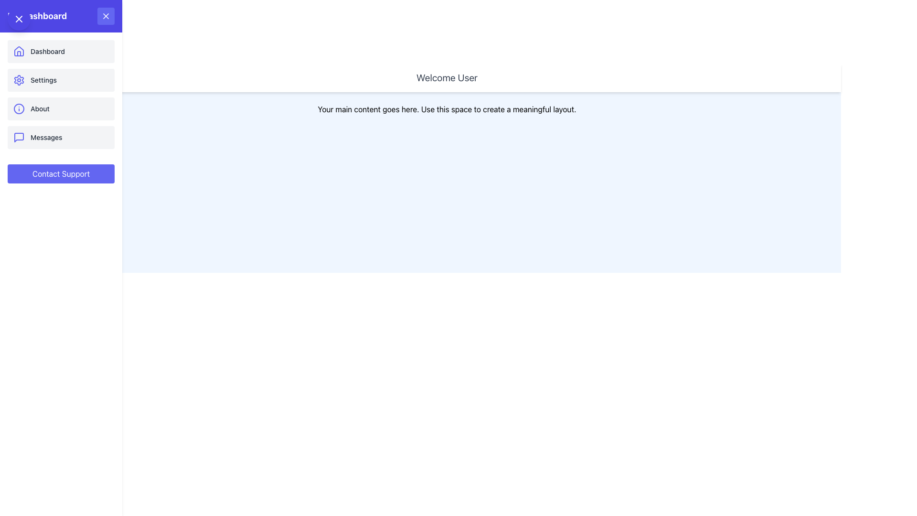 The width and height of the screenshot is (917, 516). What do you see at coordinates (19, 108) in the screenshot?
I see `the circular blue outlined icon with a white center and an 'i' symbol, located to the left of the 'About' text in the sidebar menu` at bounding box center [19, 108].